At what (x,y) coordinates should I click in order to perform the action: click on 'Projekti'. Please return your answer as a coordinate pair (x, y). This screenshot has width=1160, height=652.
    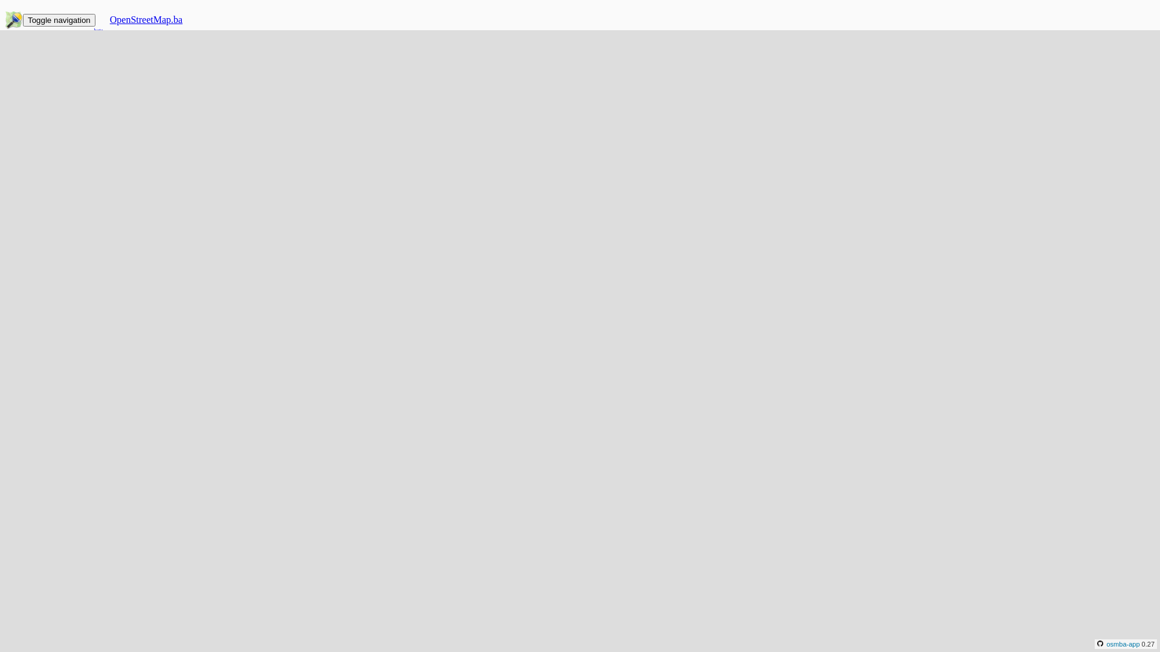
    Looking at the image, I should click on (44, 92).